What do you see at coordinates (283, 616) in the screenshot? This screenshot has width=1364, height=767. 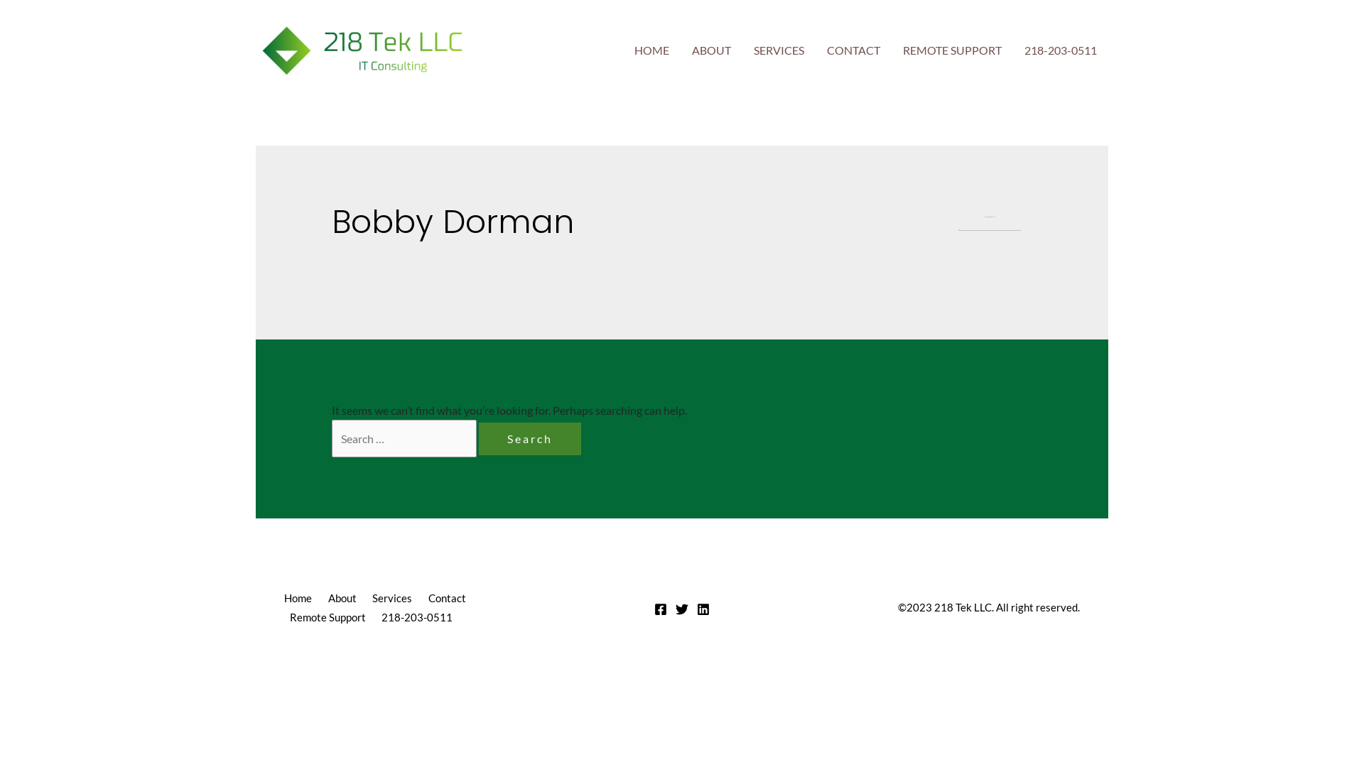 I see `'Remote Support'` at bounding box center [283, 616].